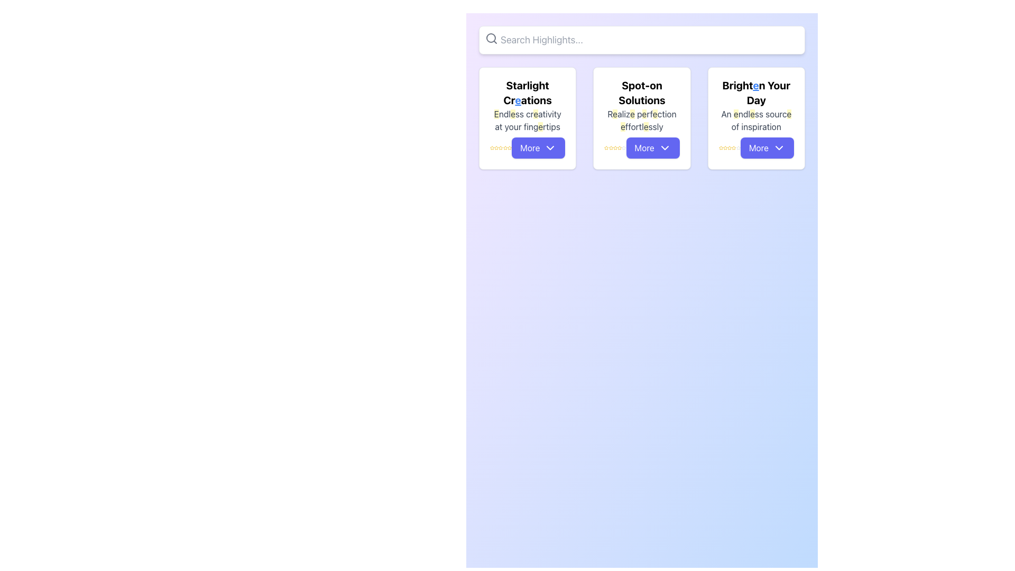 The height and width of the screenshot is (571, 1015). What do you see at coordinates (729, 148) in the screenshot?
I see `the fourth star icon in the horizontal set of star icons located under the text 'Brighten Your Day'` at bounding box center [729, 148].